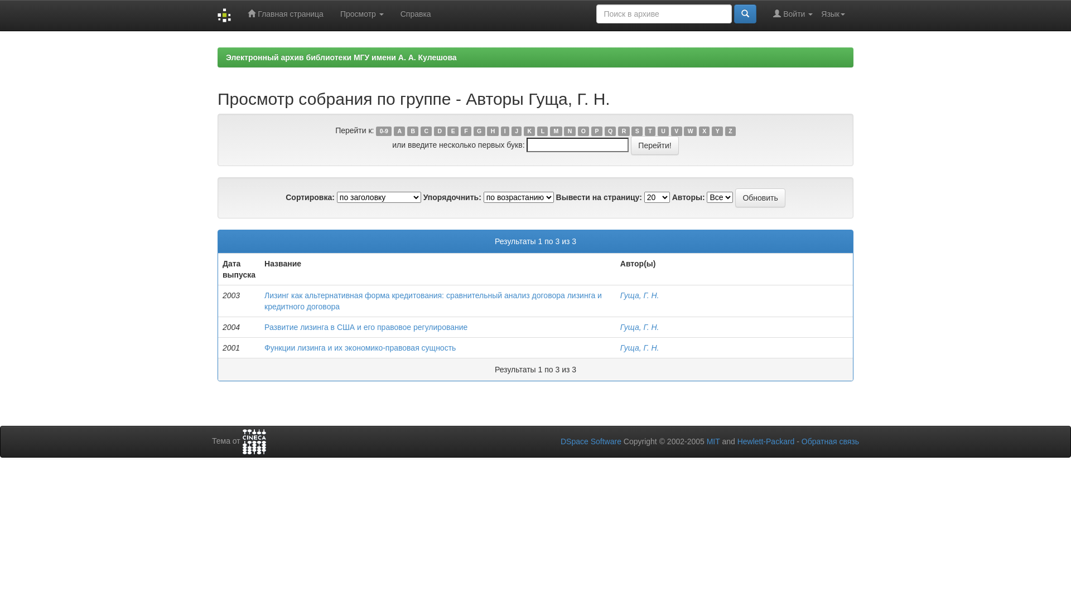 The width and height of the screenshot is (1071, 602). Describe the element at coordinates (637, 130) in the screenshot. I see `'S'` at that location.